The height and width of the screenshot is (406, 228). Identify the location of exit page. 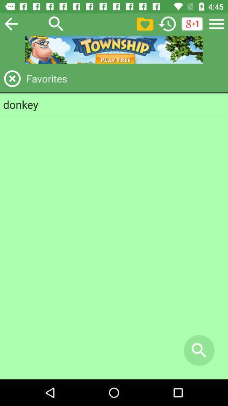
(12, 78).